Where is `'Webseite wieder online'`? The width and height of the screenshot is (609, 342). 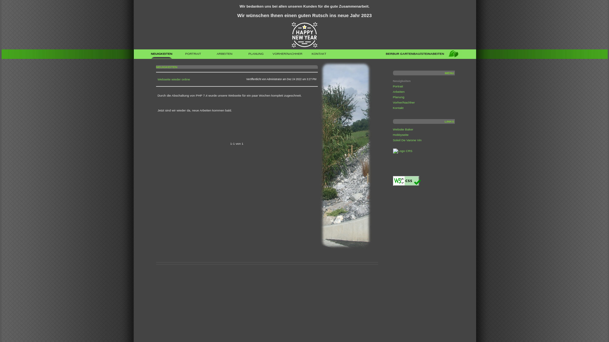
'Webseite wieder online' is located at coordinates (174, 79).